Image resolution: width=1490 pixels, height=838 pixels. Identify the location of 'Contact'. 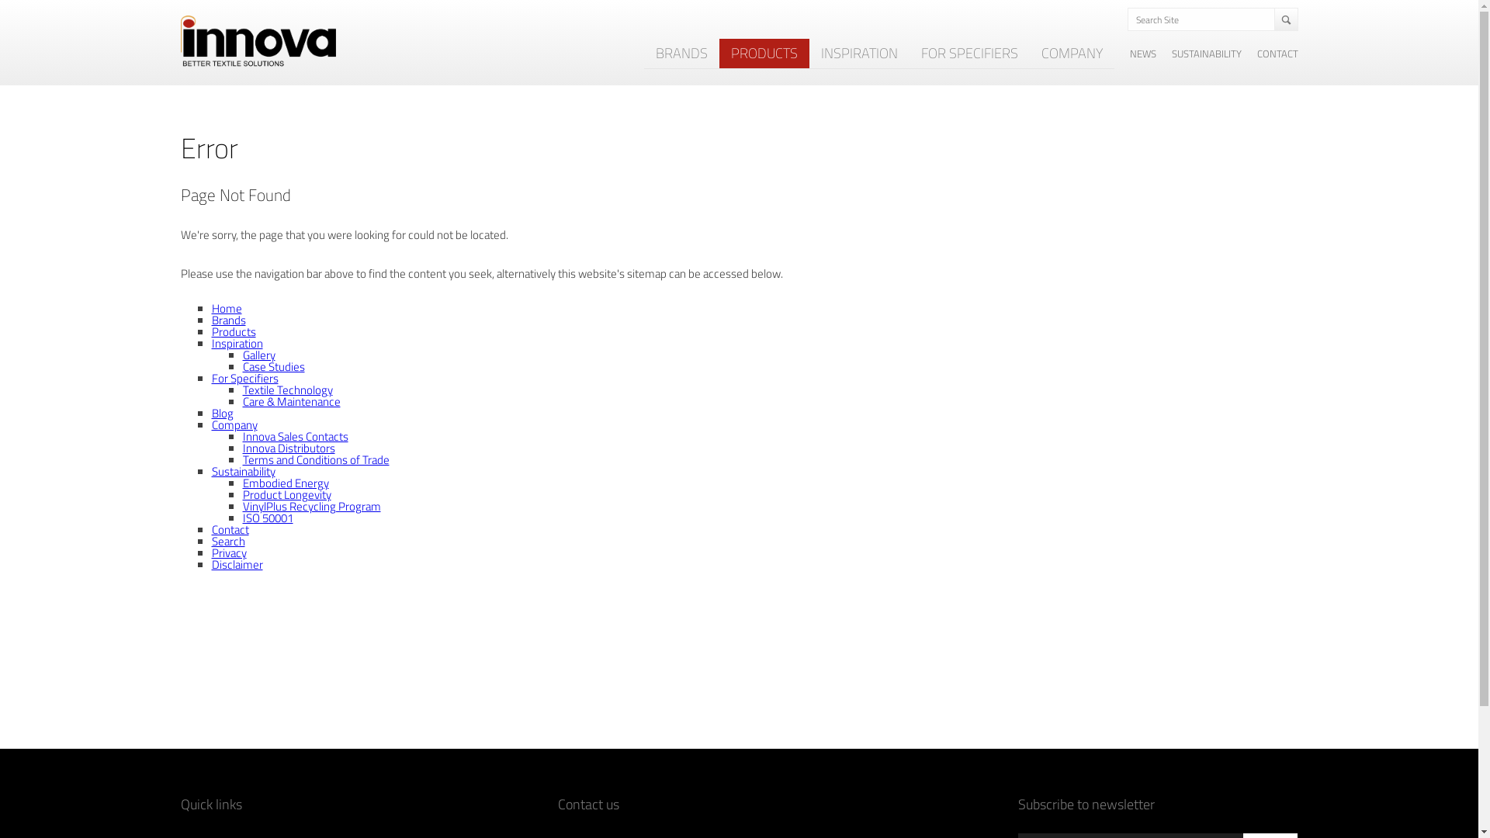
(229, 528).